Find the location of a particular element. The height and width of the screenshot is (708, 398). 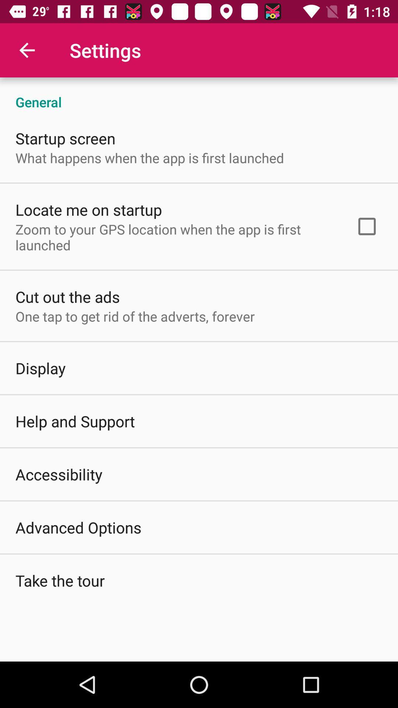

the icon above the take the tour is located at coordinates (78, 527).